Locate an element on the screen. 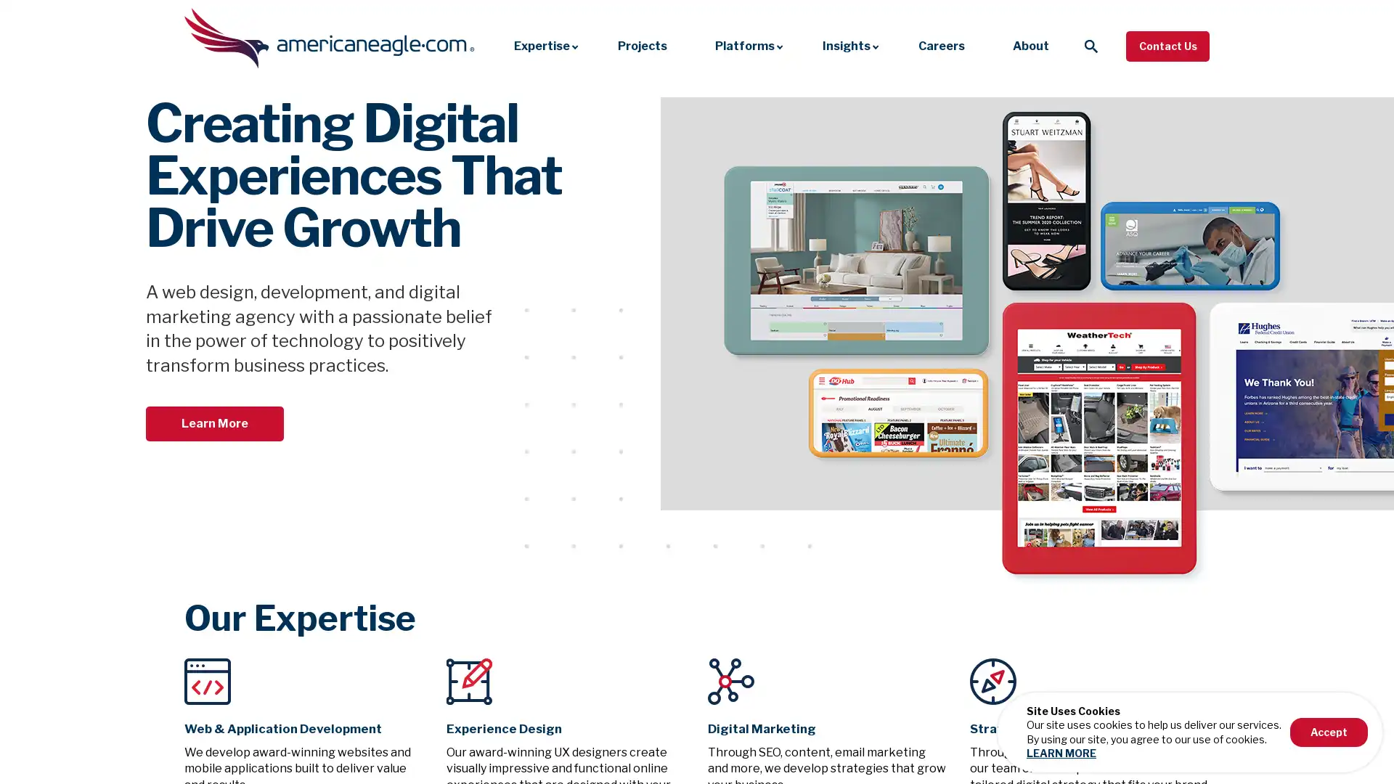 The width and height of the screenshot is (1394, 784). Expertise is located at coordinates (541, 45).